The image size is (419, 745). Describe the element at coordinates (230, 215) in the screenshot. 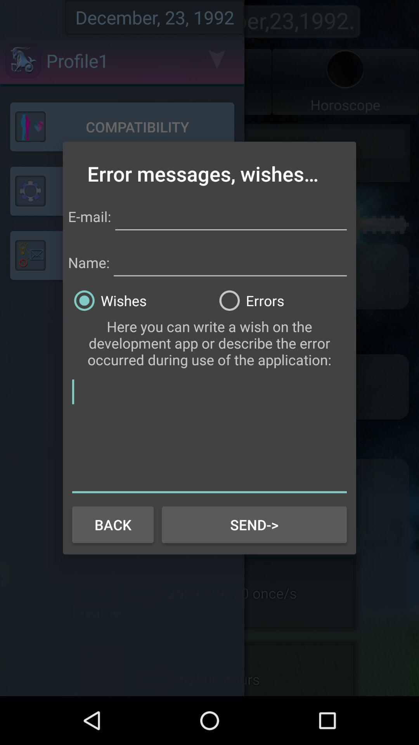

I see `selects the field to put in your email address` at that location.